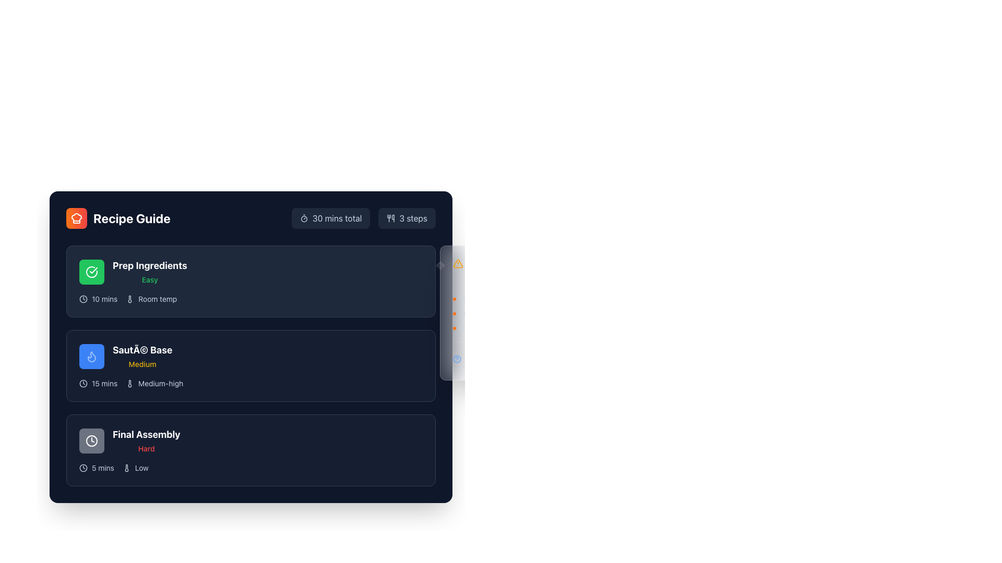 The image size is (1002, 563). I want to click on the Recipe Guide icon button located at the top-left corner of the Recipe Guide panel, adjacent to the 'Recipe Guide' text, so click(76, 218).